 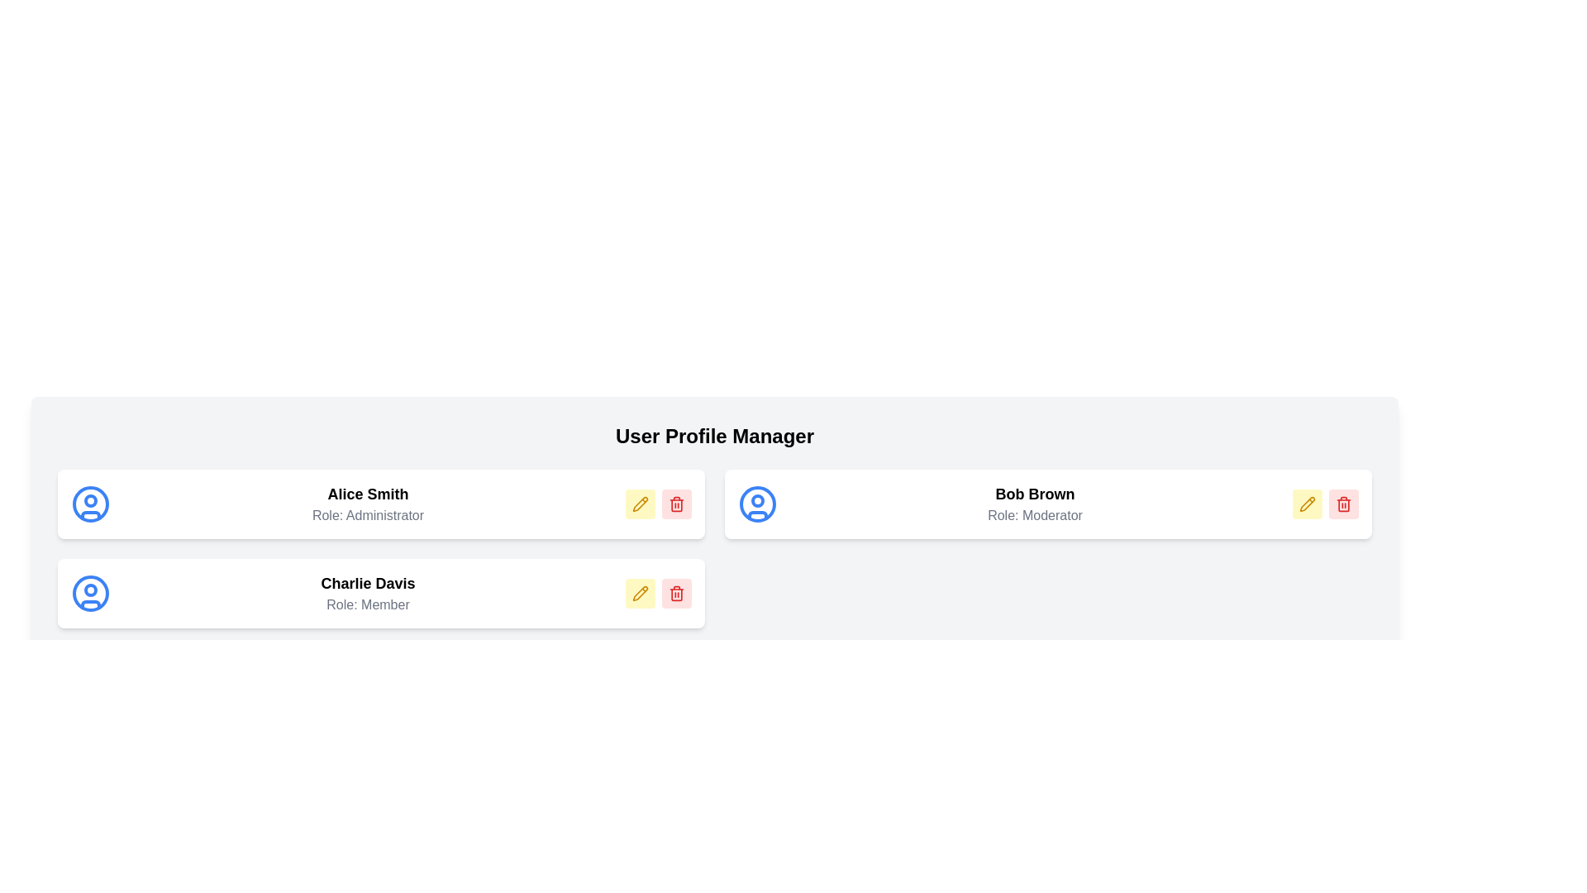 What do you see at coordinates (756, 503) in the screenshot?
I see `the user profile icon located at the top right card of the interface next to the text 'Bob Brown Role: Moderator'` at bounding box center [756, 503].